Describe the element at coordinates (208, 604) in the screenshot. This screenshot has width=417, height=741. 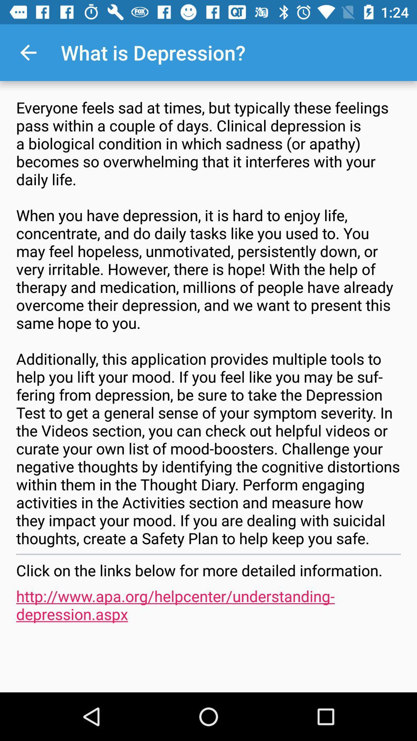
I see `http www apa` at that location.